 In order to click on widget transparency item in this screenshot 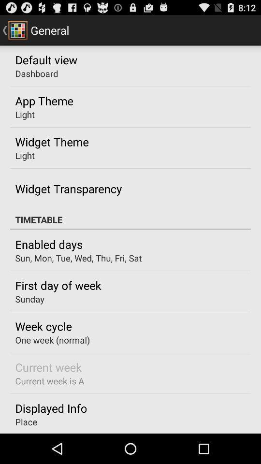, I will do `click(68, 188)`.